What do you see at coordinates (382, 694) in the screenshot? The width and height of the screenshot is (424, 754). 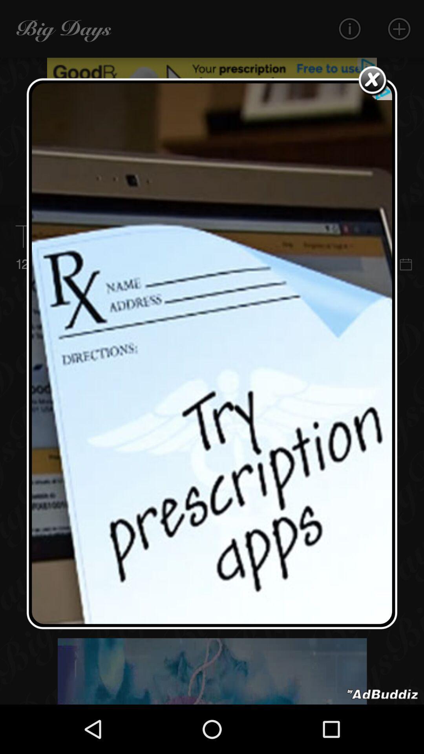 I see `advertisement portion` at bounding box center [382, 694].